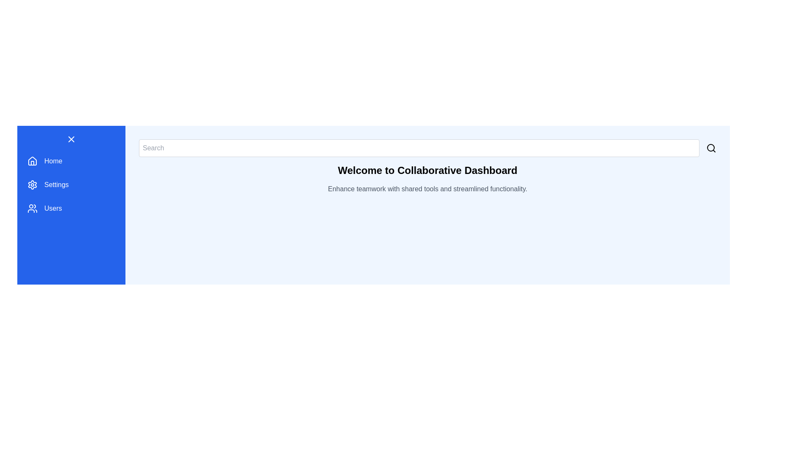 This screenshot has height=456, width=811. Describe the element at coordinates (71, 161) in the screenshot. I see `the navigation item labeled Home` at that location.